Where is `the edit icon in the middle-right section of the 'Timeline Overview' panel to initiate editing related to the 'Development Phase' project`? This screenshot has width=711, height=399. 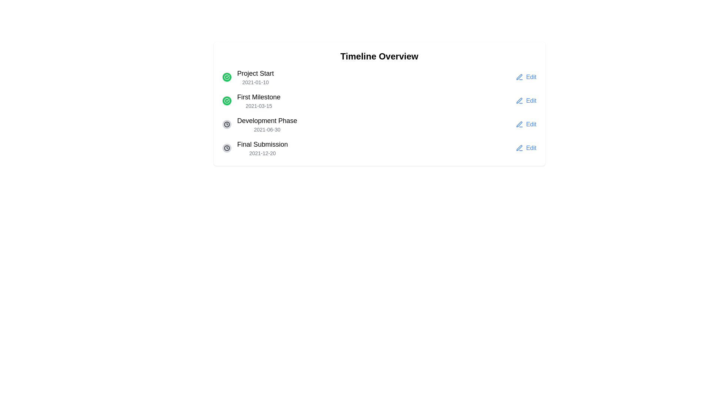
the edit icon in the middle-right section of the 'Timeline Overview' panel to initiate editing related to the 'Development Phase' project is located at coordinates (519, 124).